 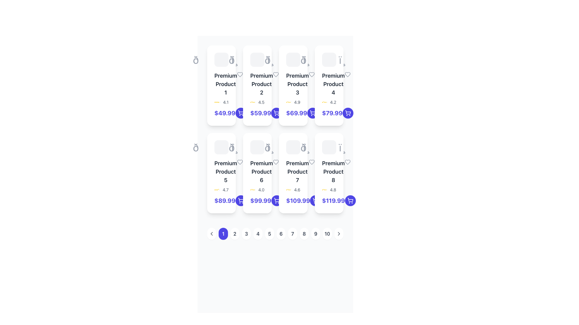 What do you see at coordinates (276, 74) in the screenshot?
I see `the heart icon to mark 'Premium Product 2' as a favorite, located to the right of the product name in the second card of the product list` at bounding box center [276, 74].